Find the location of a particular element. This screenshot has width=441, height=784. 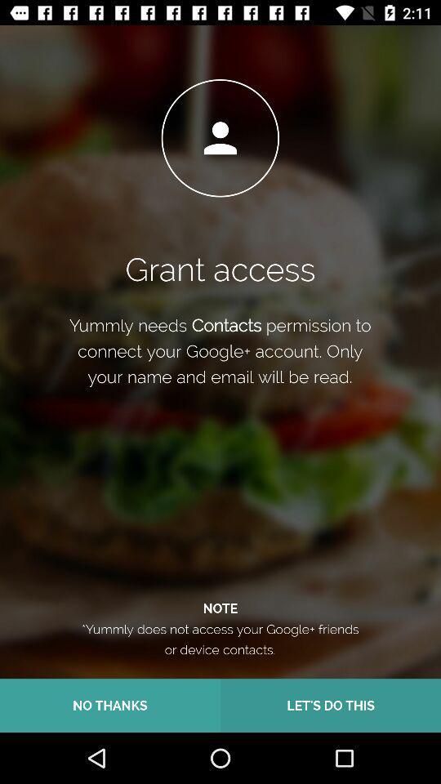

the item to the left of the let s do icon is located at coordinates (110, 705).